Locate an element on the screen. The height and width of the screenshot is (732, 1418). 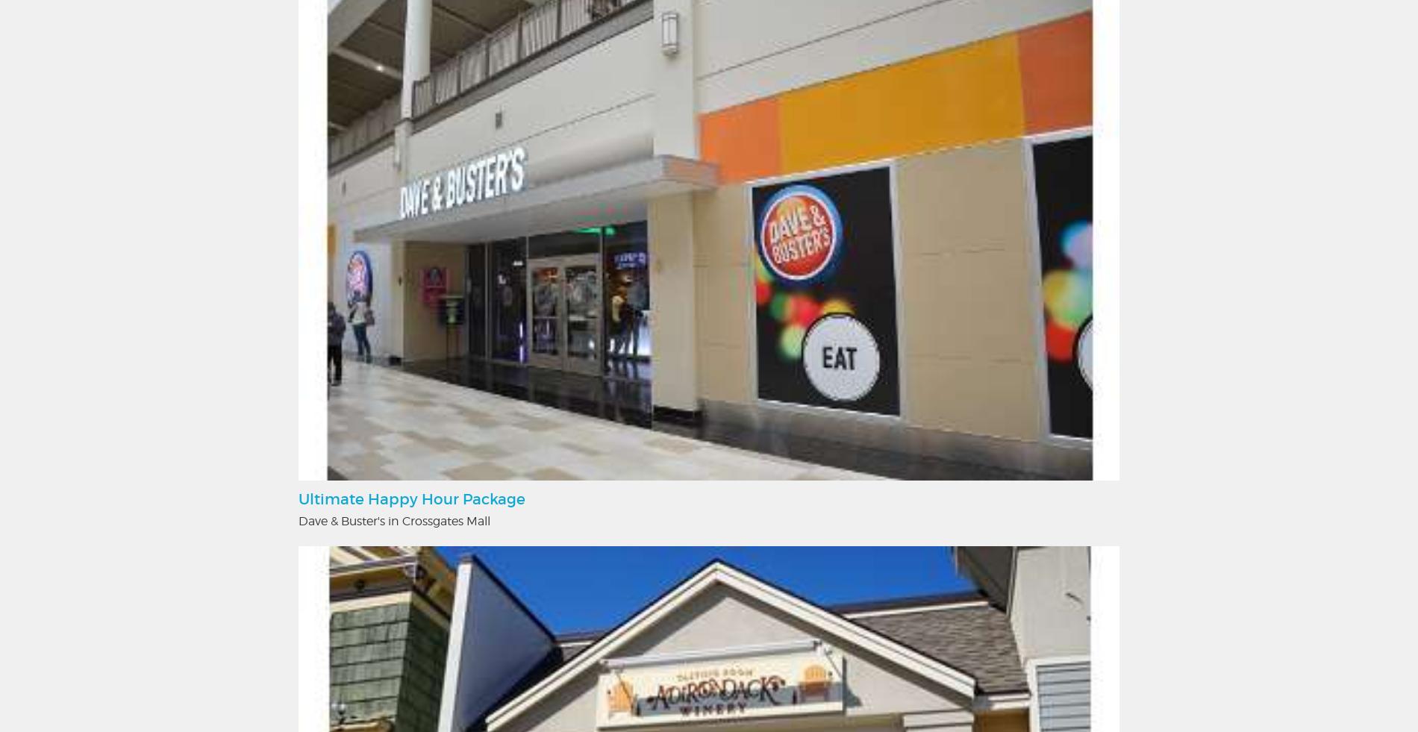
'Accessibility' is located at coordinates (648, 295).